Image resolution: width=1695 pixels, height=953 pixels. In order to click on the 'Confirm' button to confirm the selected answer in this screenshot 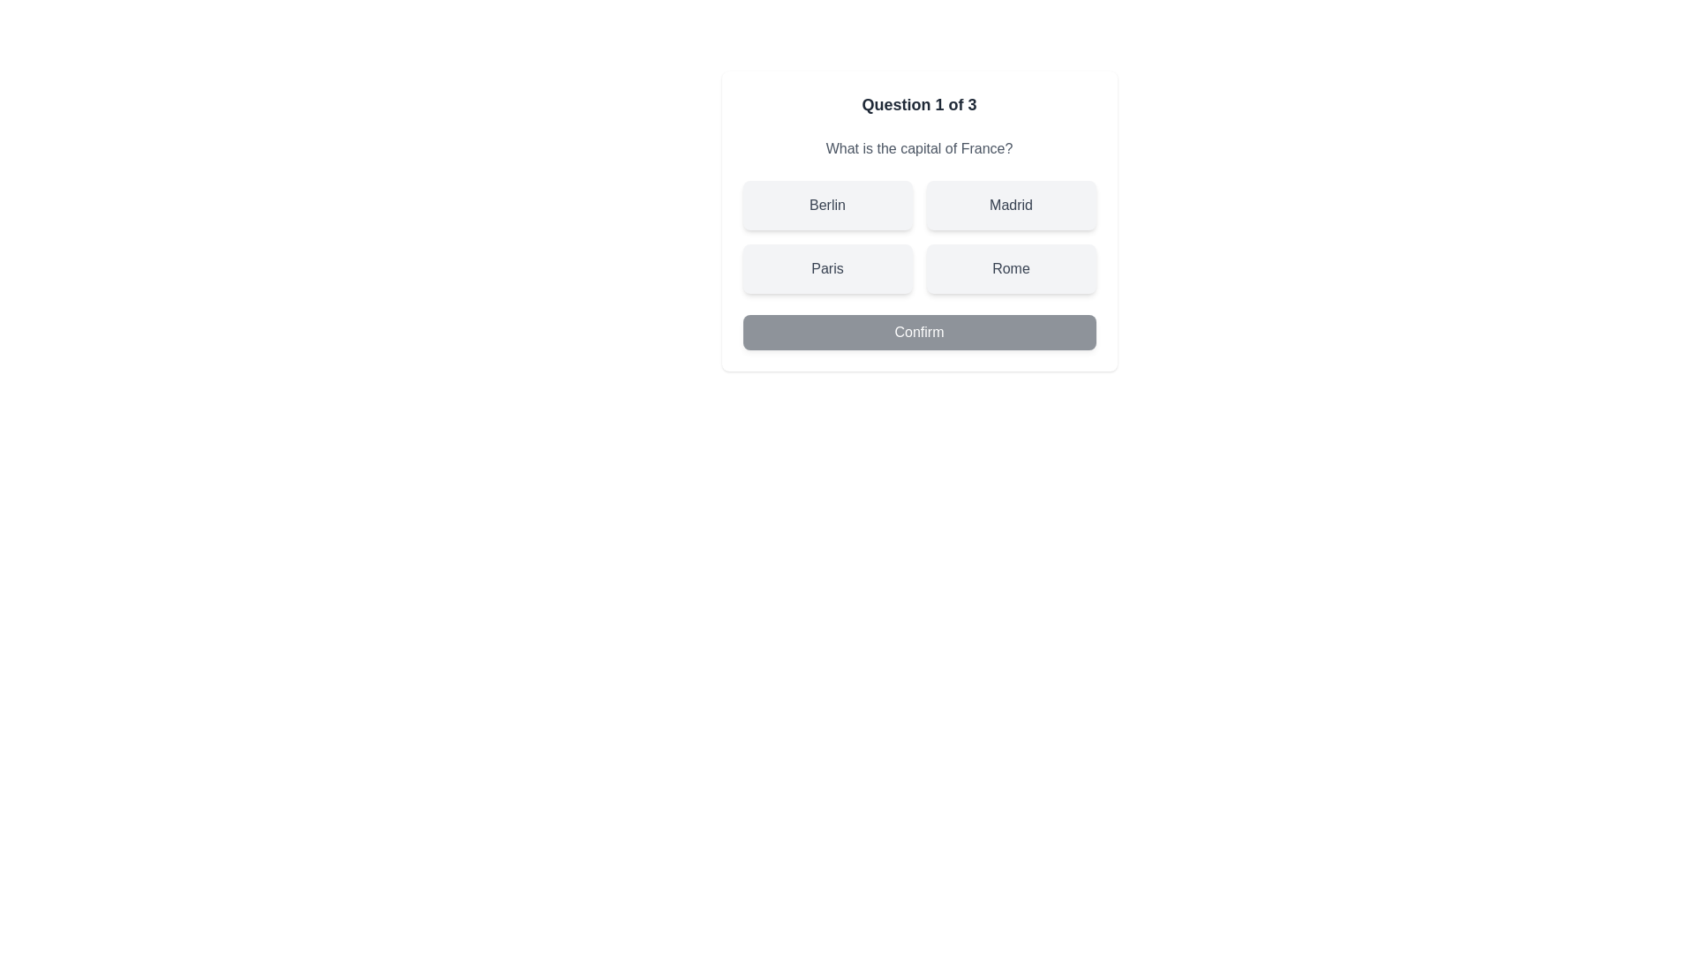, I will do `click(918, 333)`.